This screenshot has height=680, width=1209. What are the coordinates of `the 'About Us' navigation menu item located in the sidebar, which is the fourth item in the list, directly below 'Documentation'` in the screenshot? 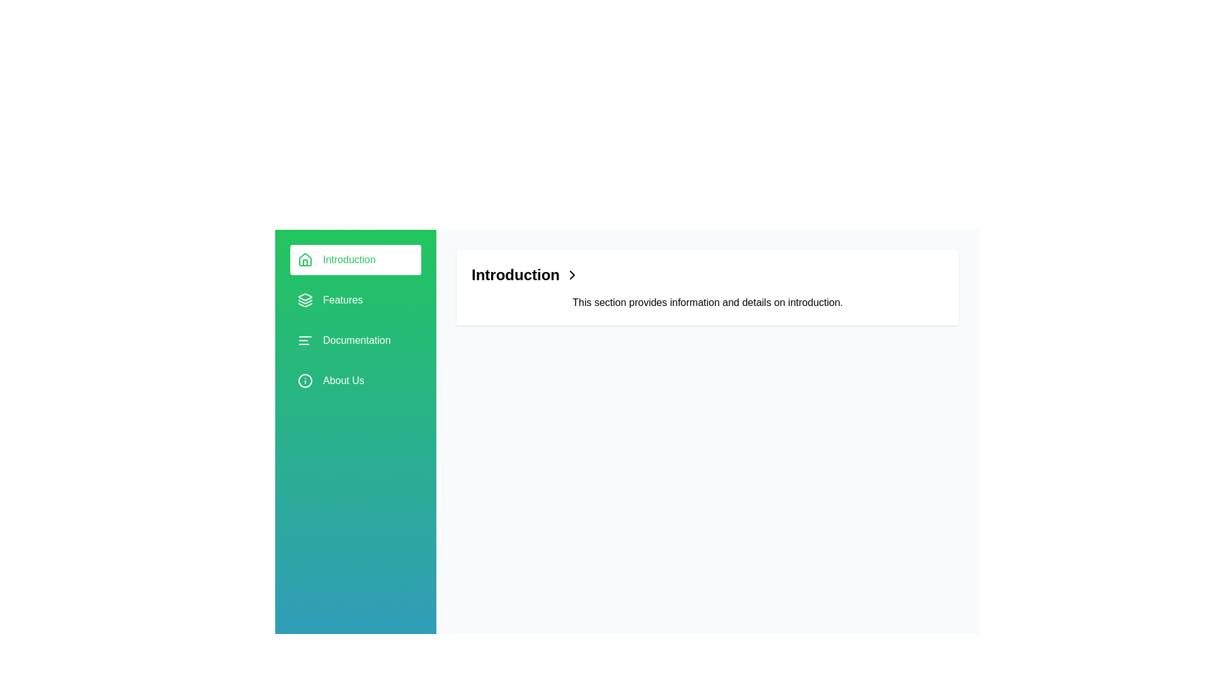 It's located at (355, 380).